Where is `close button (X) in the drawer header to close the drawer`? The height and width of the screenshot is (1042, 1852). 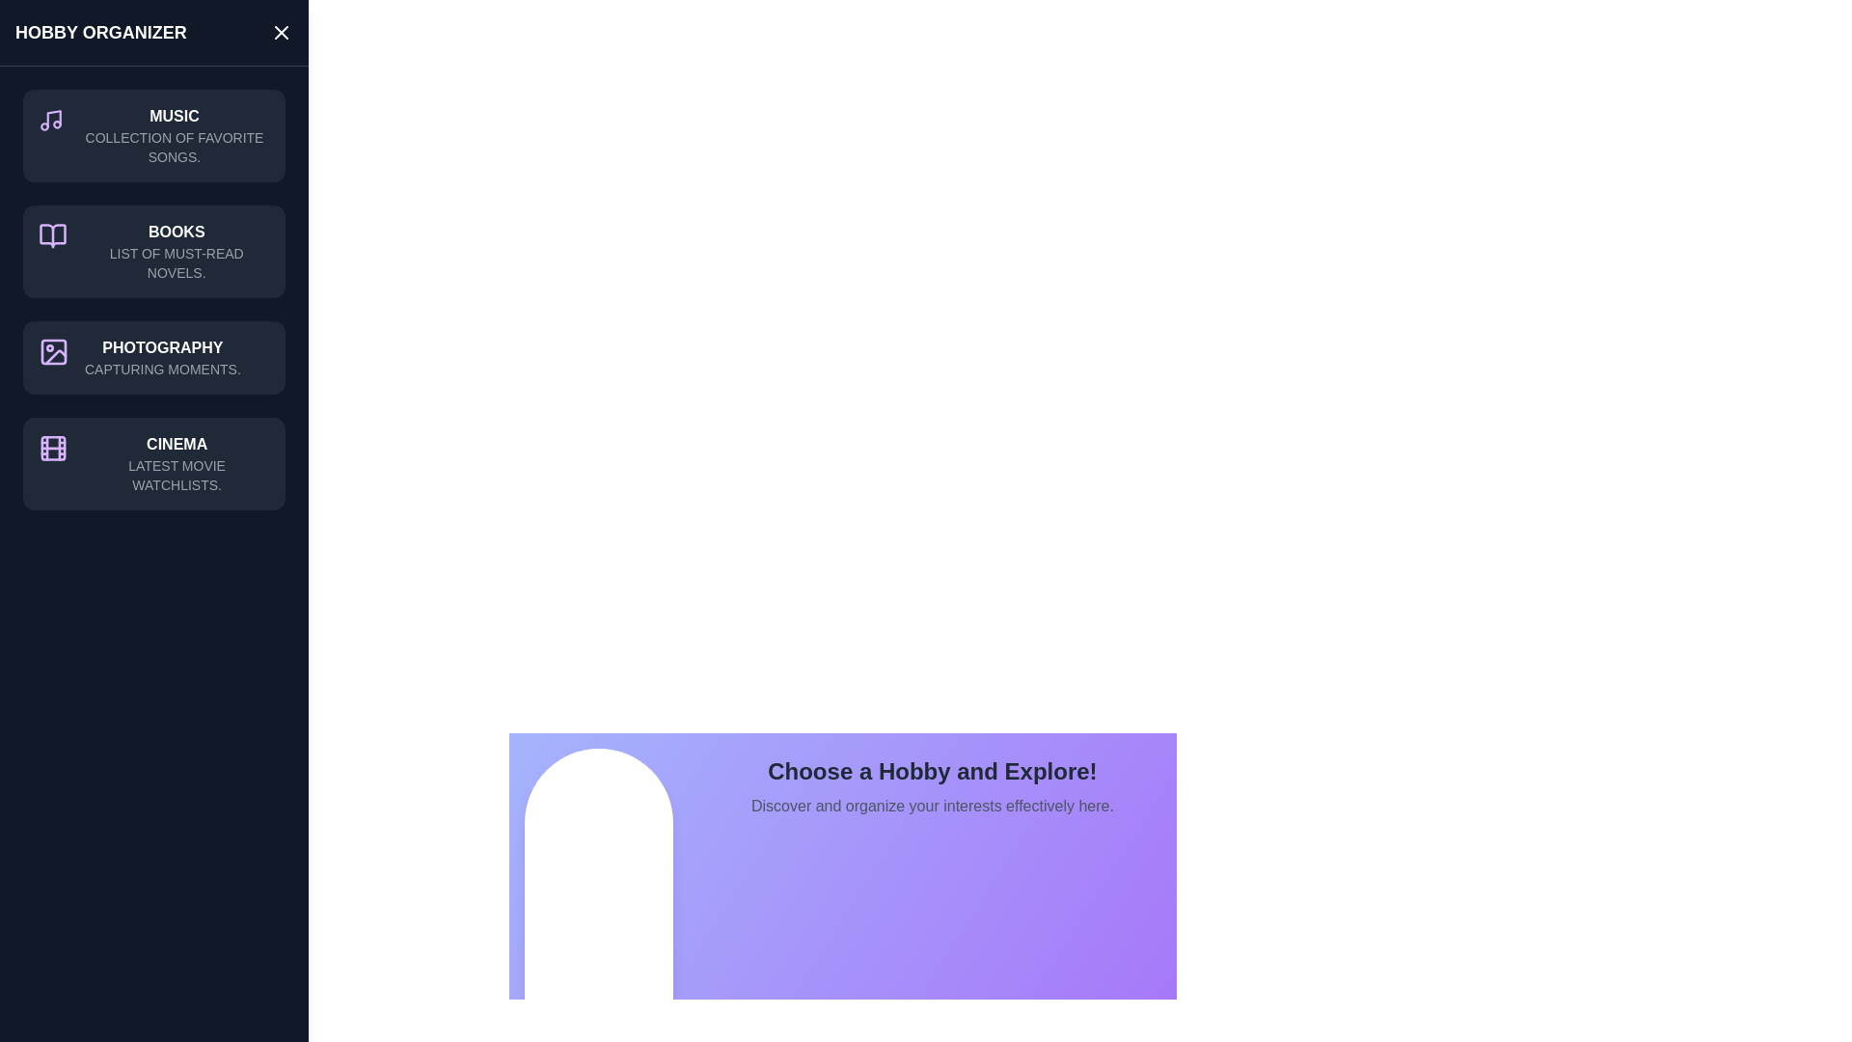 close button (X) in the drawer header to close the drawer is located at coordinates (281, 33).